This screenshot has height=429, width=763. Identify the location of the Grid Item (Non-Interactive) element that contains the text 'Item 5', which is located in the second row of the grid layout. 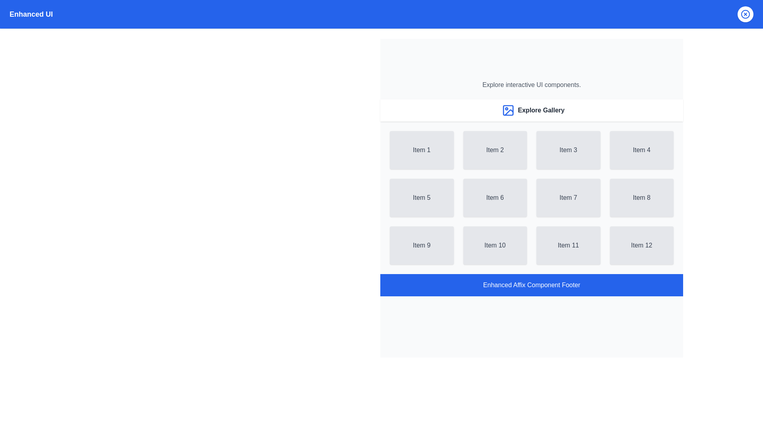
(421, 197).